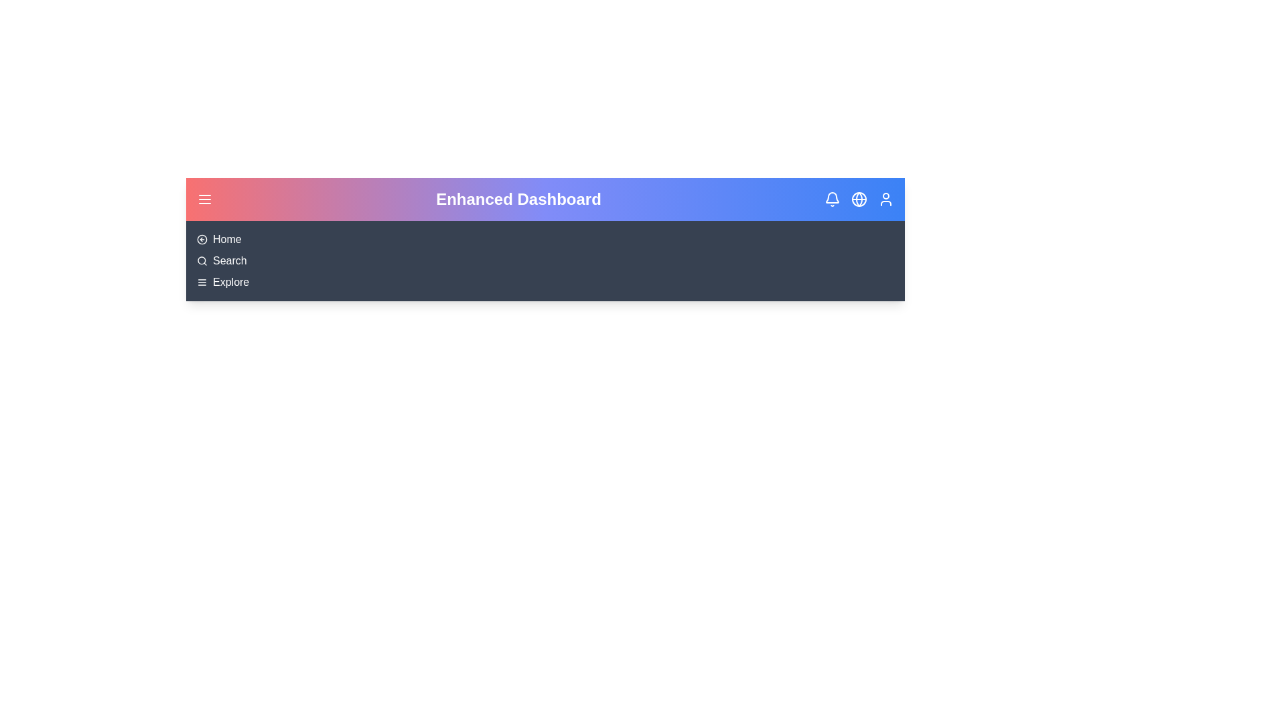 This screenshot has width=1286, height=723. I want to click on the 'Search' navigation item, so click(229, 260).